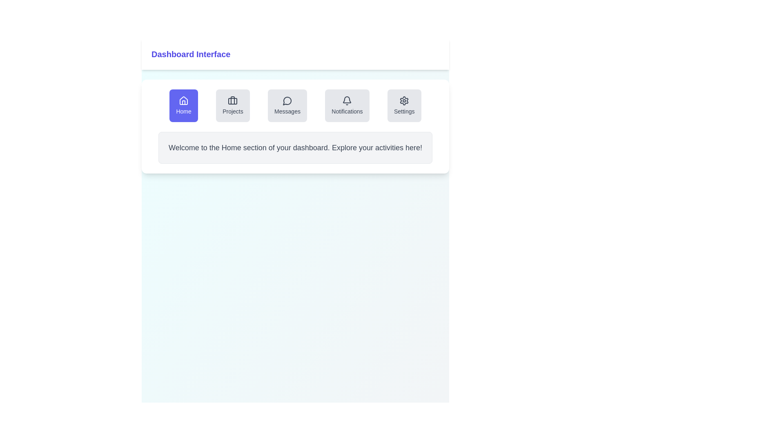 This screenshot has width=784, height=441. Describe the element at coordinates (232, 100) in the screenshot. I see `the 'Projects' icon, which is the upper part of the second box from the left in a horizontal row of five` at that location.